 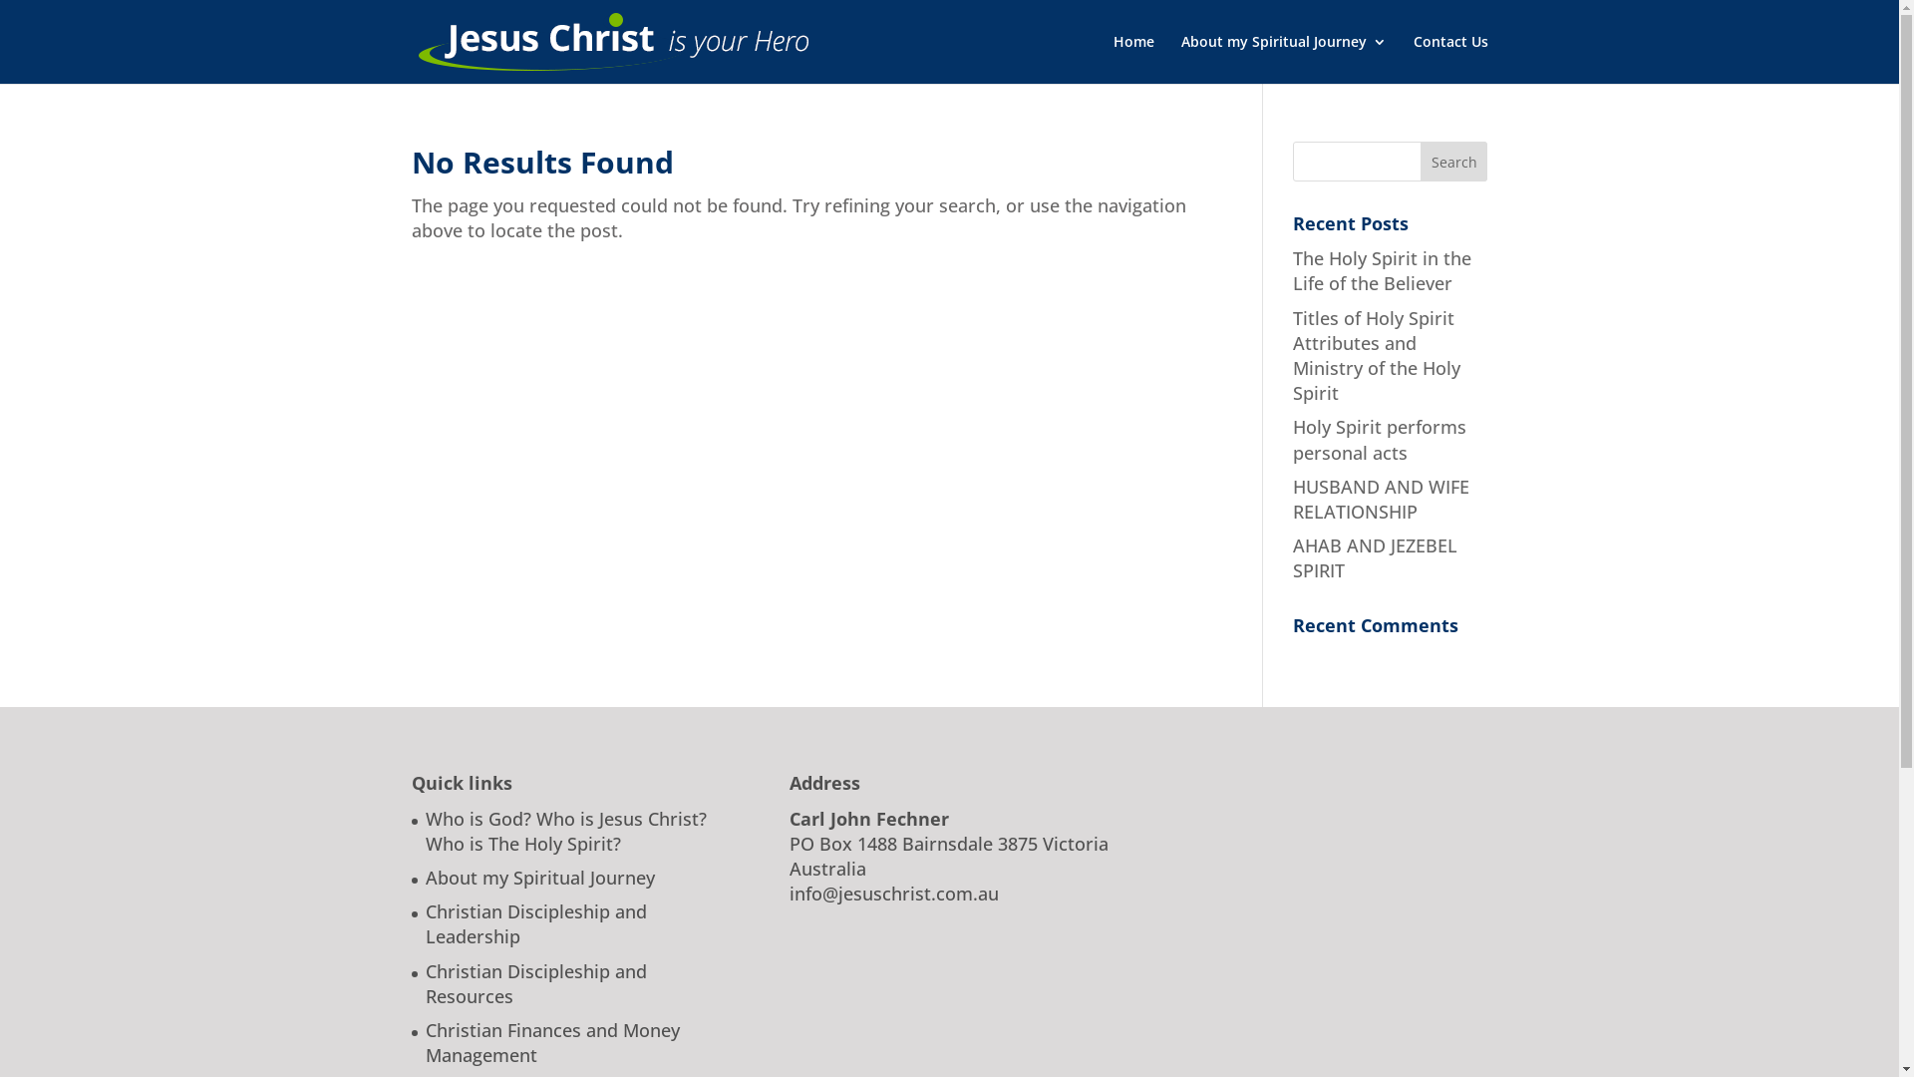 What do you see at coordinates (1378, 438) in the screenshot?
I see `'Holy Spirit performs personal acts'` at bounding box center [1378, 438].